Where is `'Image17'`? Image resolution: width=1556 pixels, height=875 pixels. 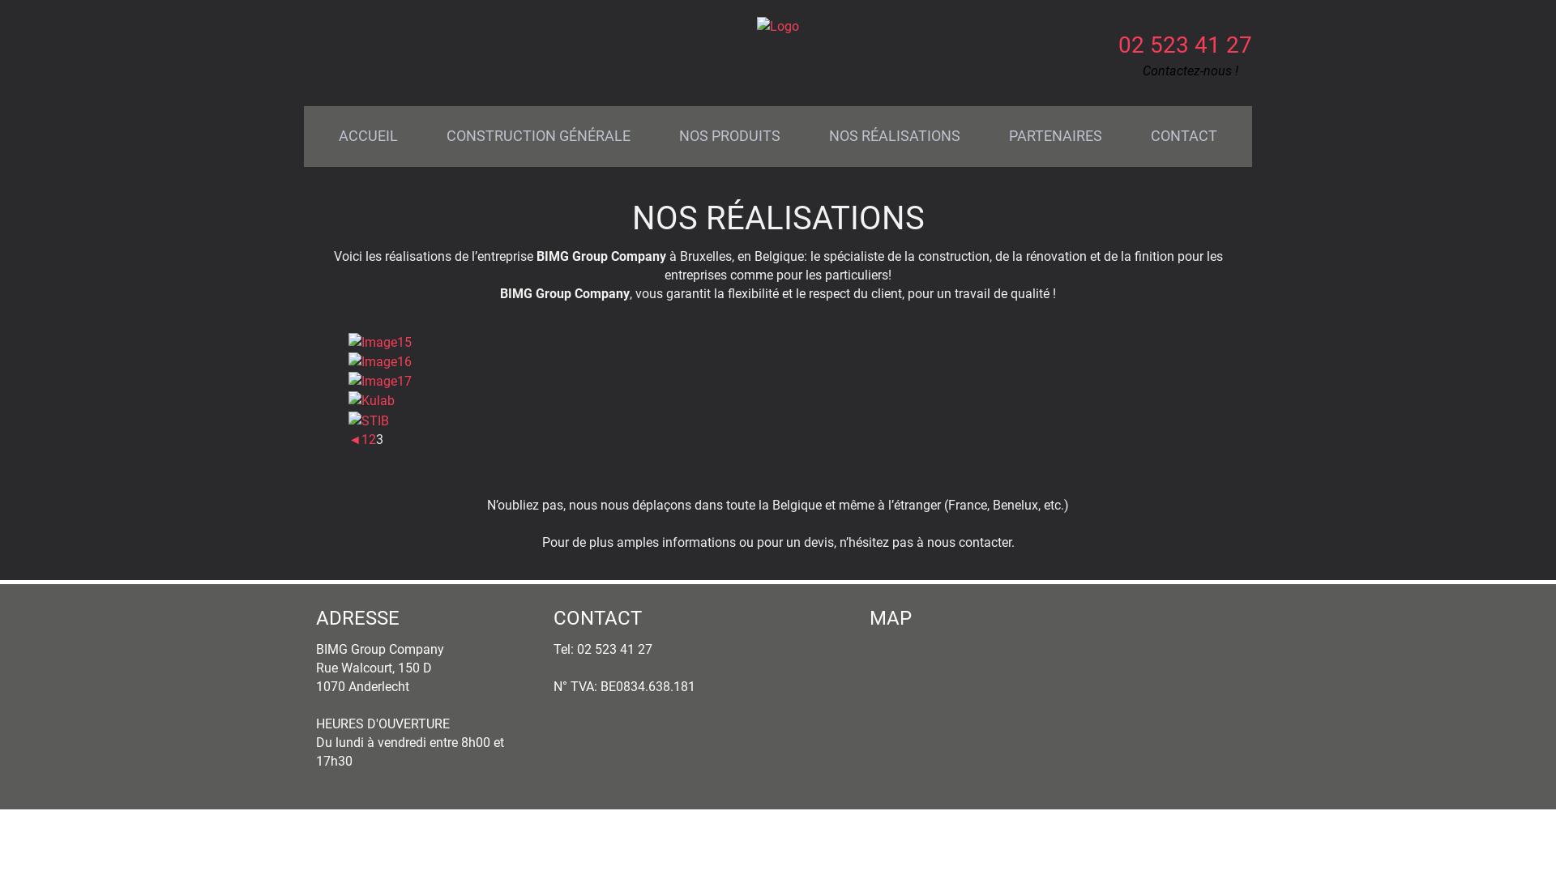 'Image17' is located at coordinates (379, 381).